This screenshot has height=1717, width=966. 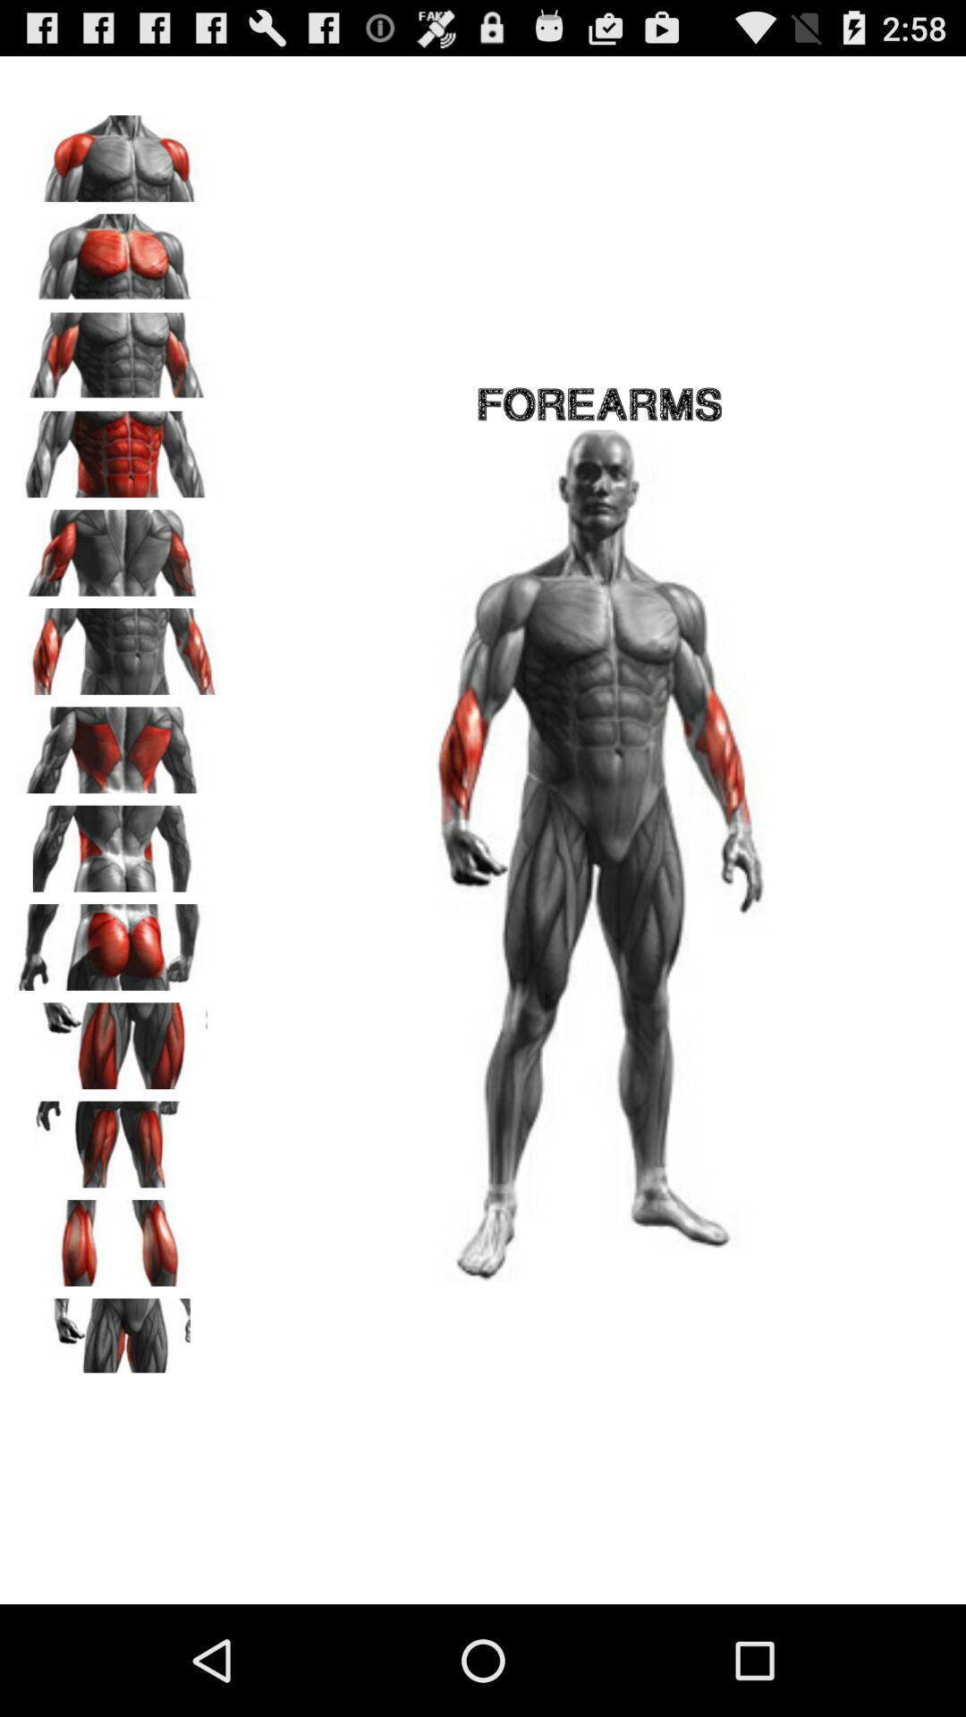 I want to click on body part, so click(x=117, y=644).